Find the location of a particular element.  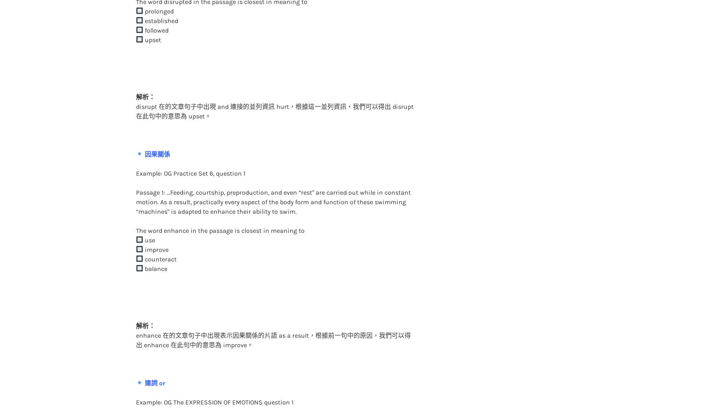

'disrupt 在的文章句子中出現 and 連接的並列資訊 hurt，根據這一並列資訊，我們可以得出 disrupt 在此句中的意思為 upset。' is located at coordinates (274, 95).